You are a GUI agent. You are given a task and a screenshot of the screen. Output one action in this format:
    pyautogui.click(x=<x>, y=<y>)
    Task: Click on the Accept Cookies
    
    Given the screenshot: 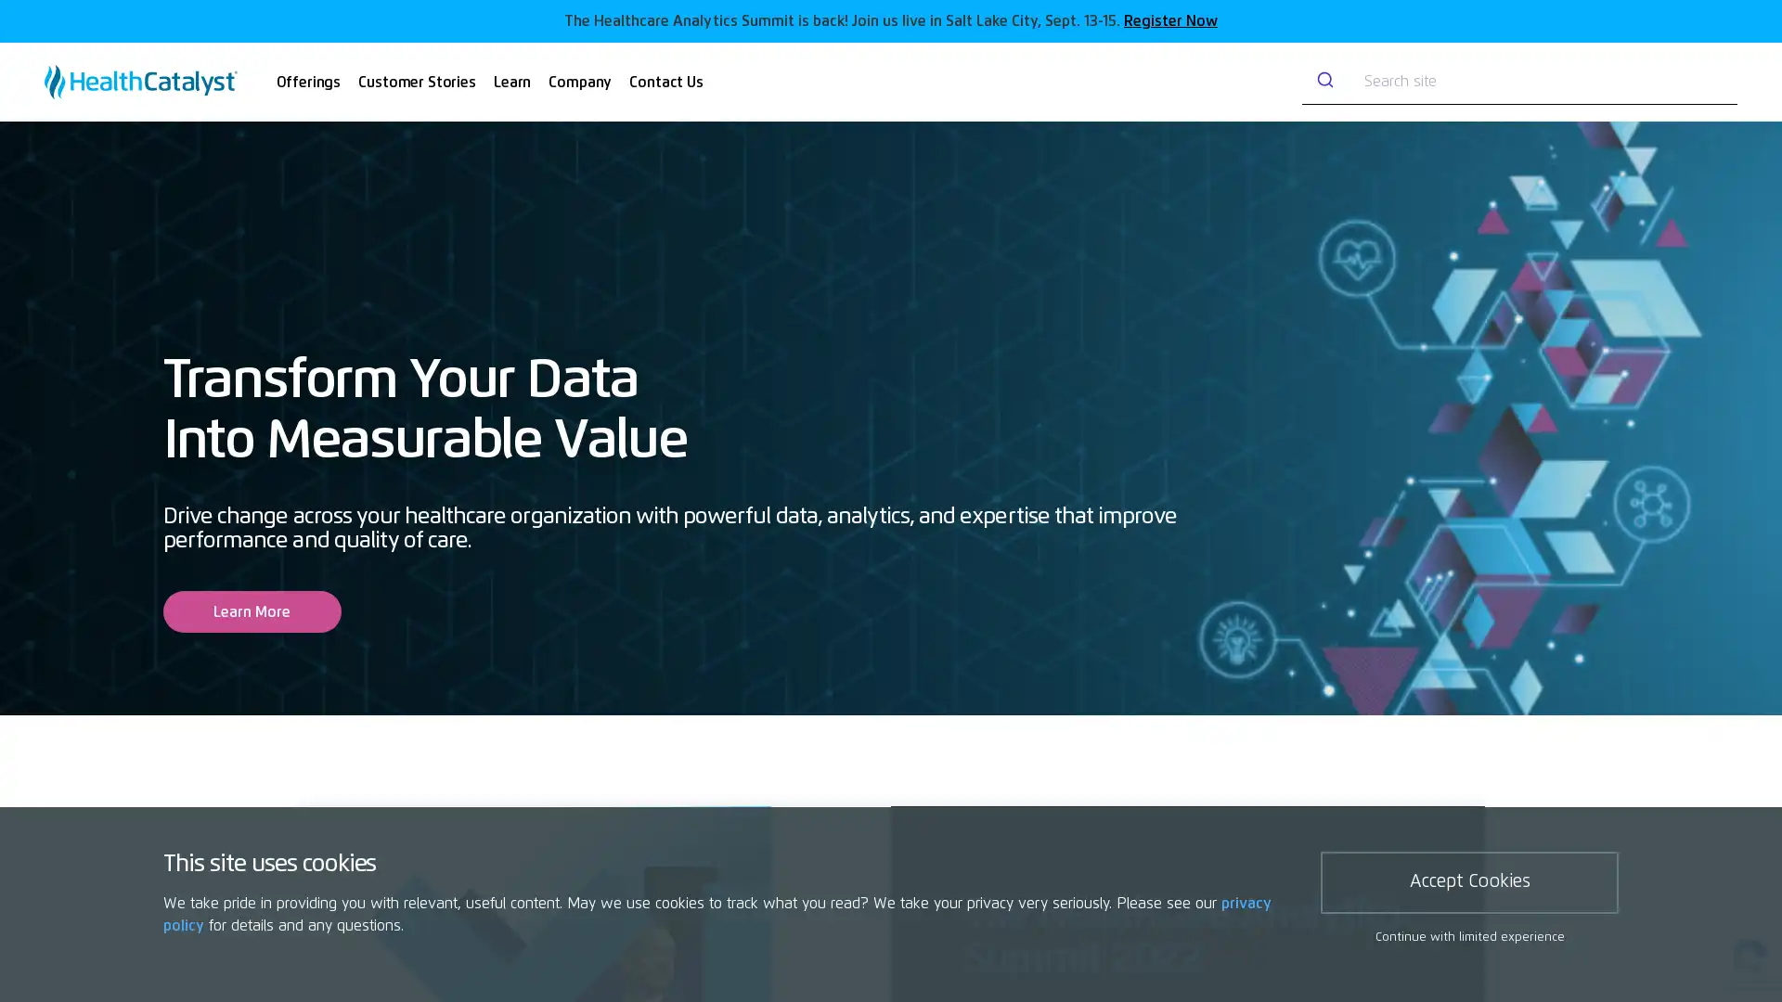 What is the action you would take?
    pyautogui.click(x=1468, y=881)
    